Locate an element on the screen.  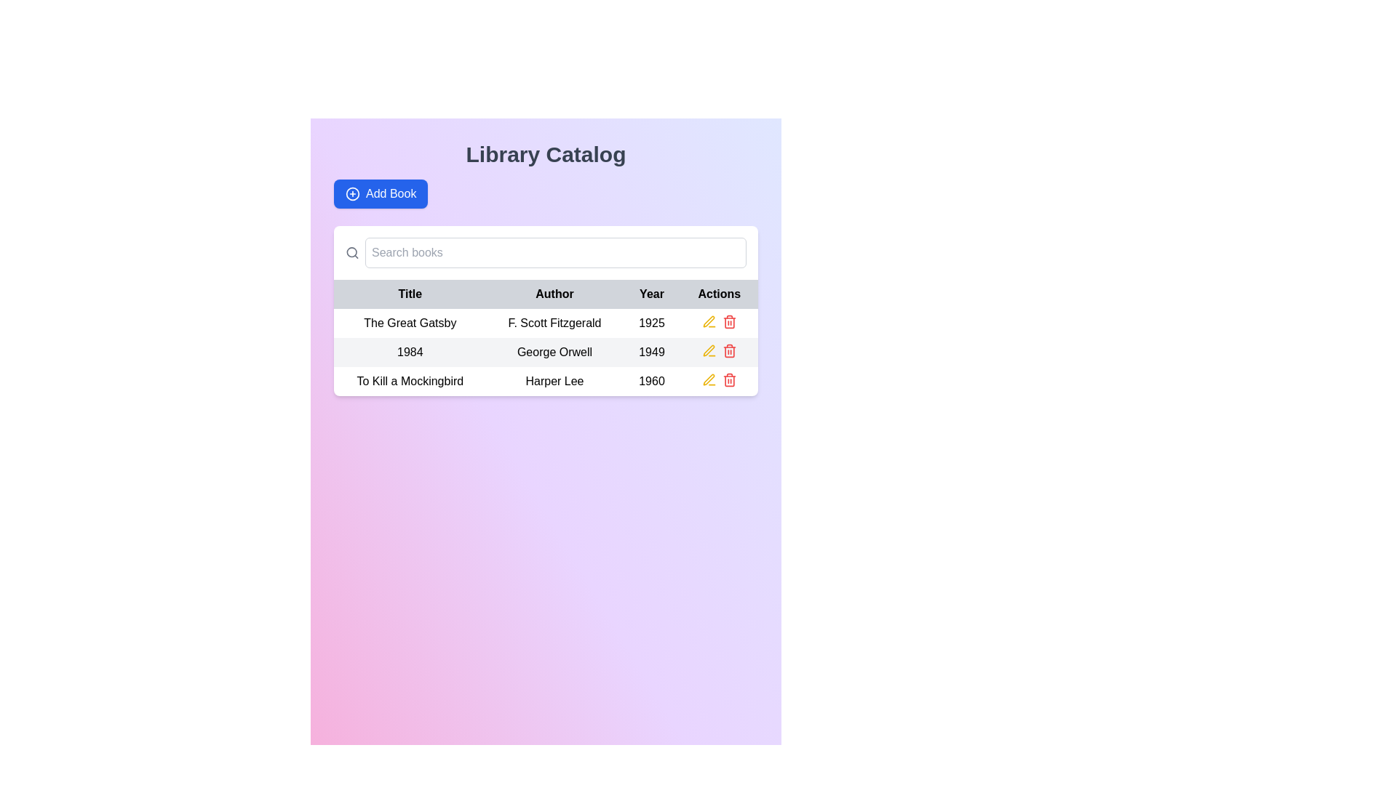
the text '1925' in the 'Year' column of the library catalog interface, which is located in the first row of the table, following 'F. Scott Fitzgerald' and preceding 'Actions' is located at coordinates (651, 322).